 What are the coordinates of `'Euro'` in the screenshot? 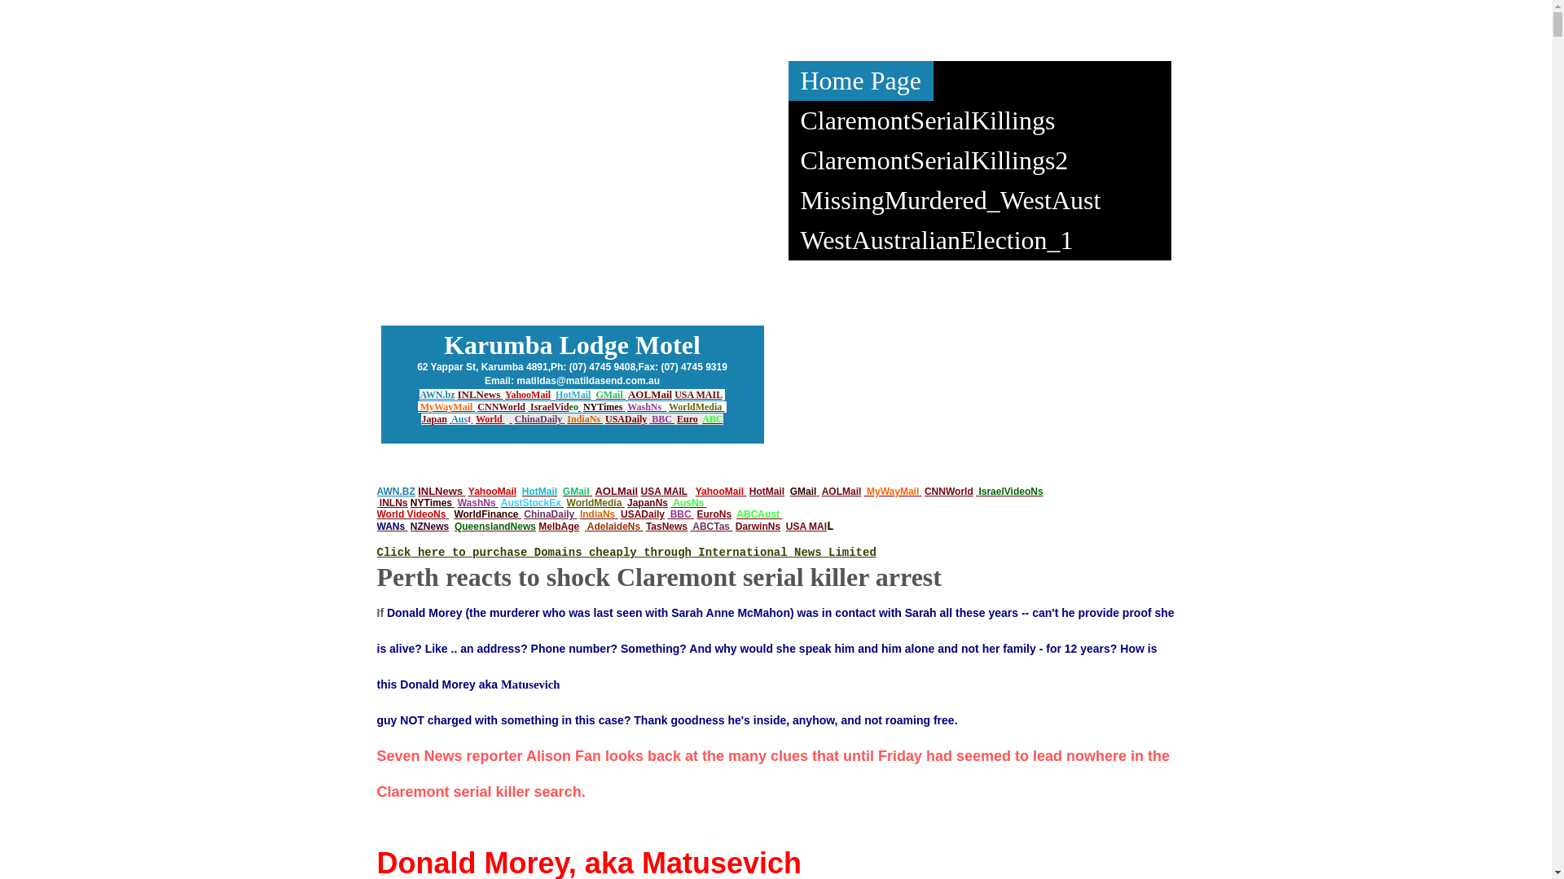 It's located at (688, 418).